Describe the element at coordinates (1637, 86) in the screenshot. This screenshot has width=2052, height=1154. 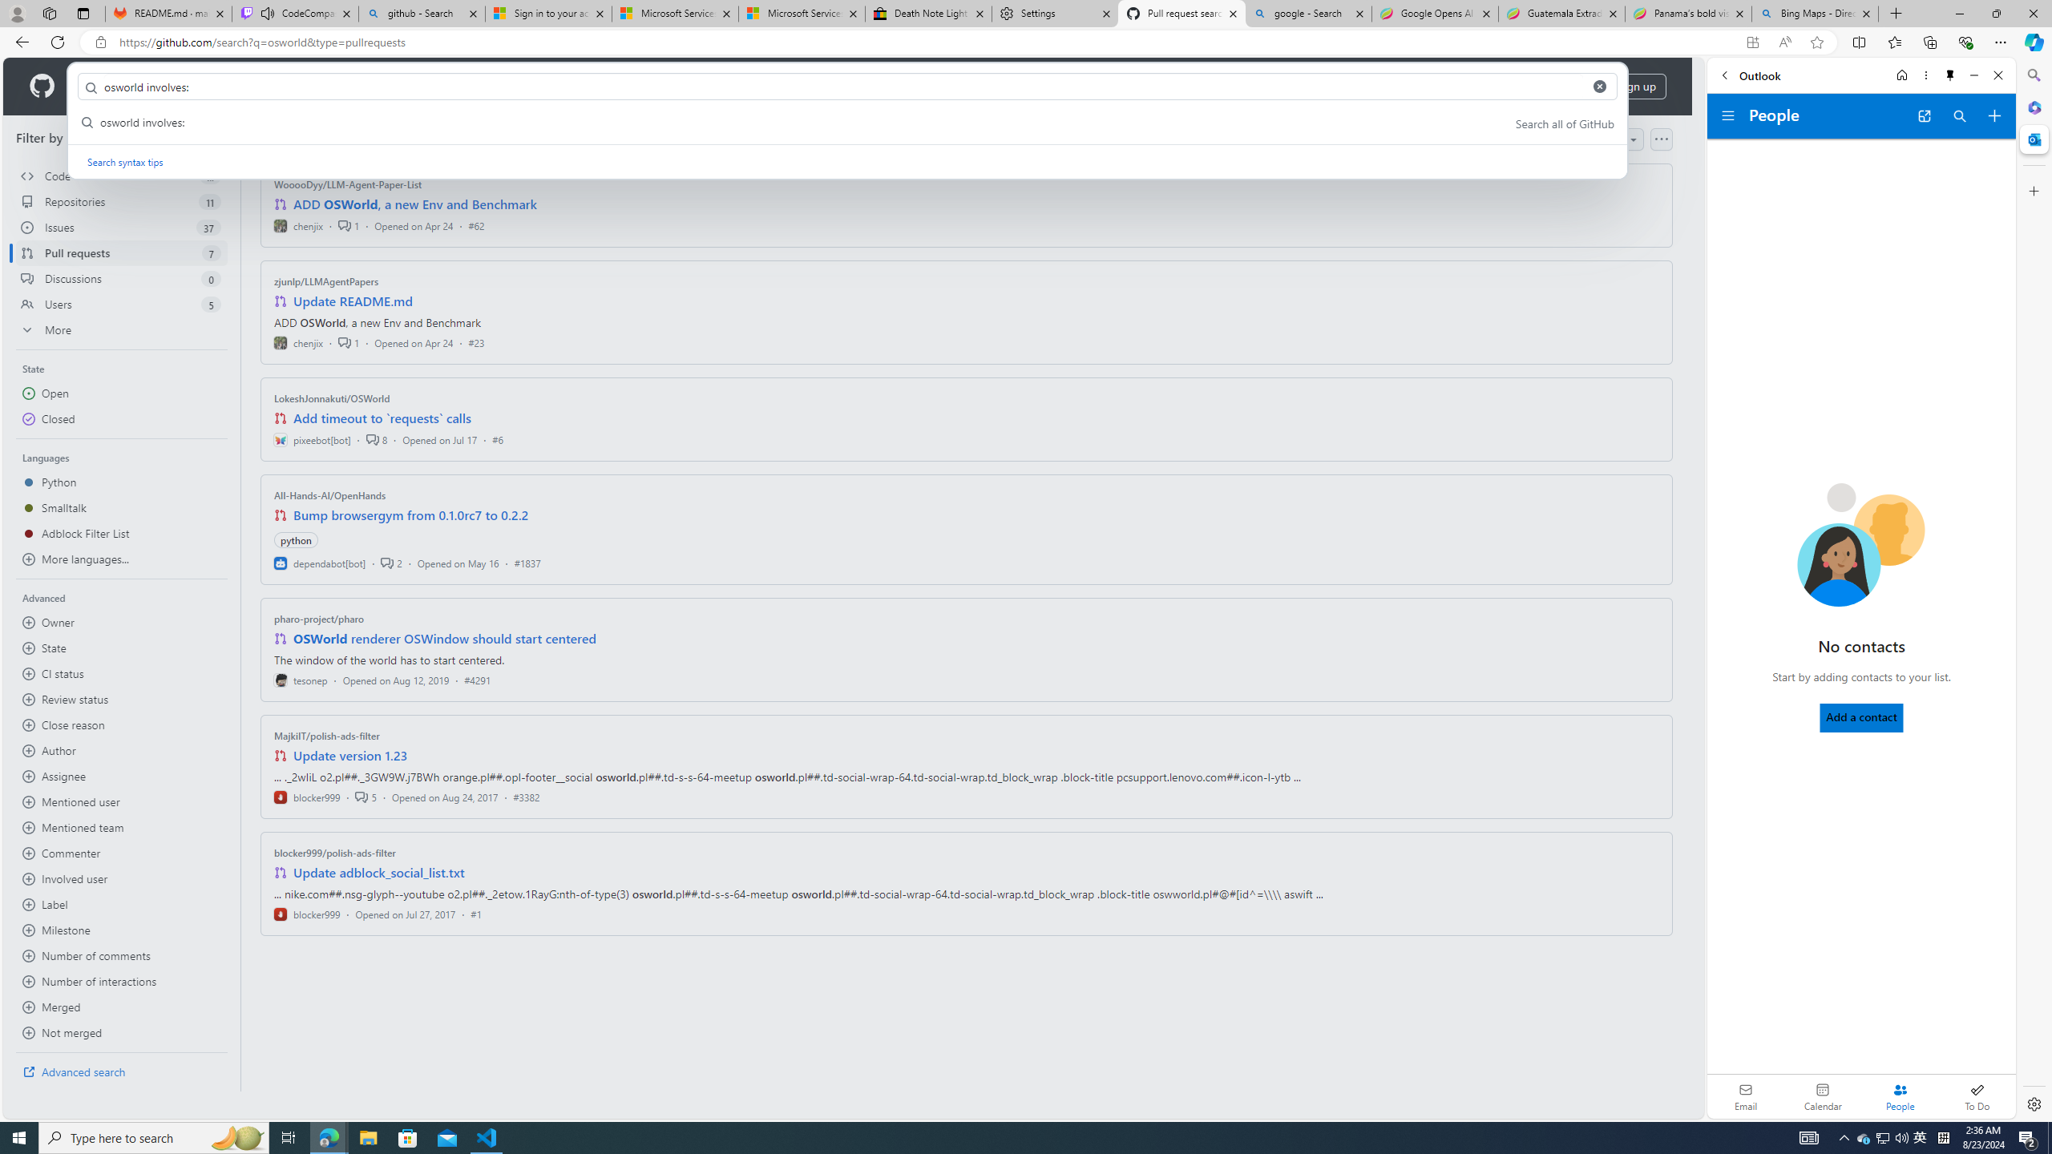
I see `'Sign up'` at that location.